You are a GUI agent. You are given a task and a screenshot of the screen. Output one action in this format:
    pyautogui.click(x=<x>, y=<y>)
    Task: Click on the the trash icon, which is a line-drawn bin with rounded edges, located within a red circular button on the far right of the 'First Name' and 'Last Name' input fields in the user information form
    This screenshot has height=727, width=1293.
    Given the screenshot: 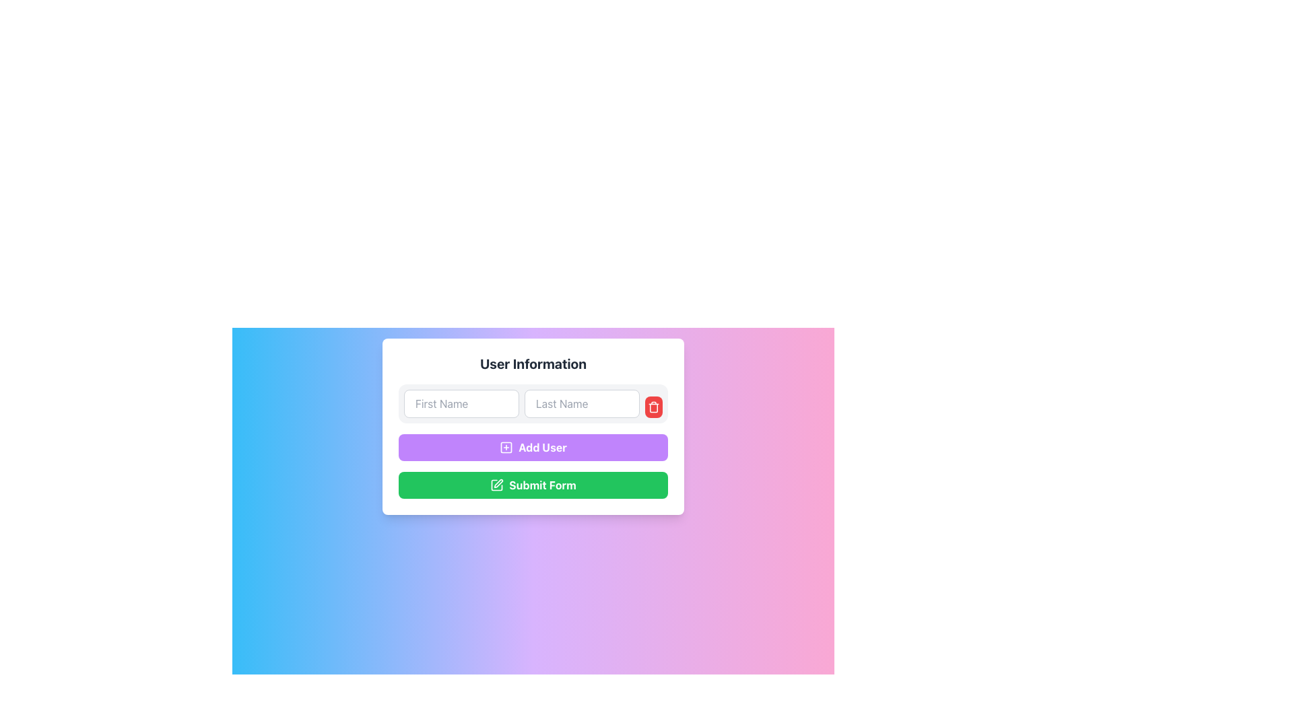 What is the action you would take?
    pyautogui.click(x=653, y=407)
    